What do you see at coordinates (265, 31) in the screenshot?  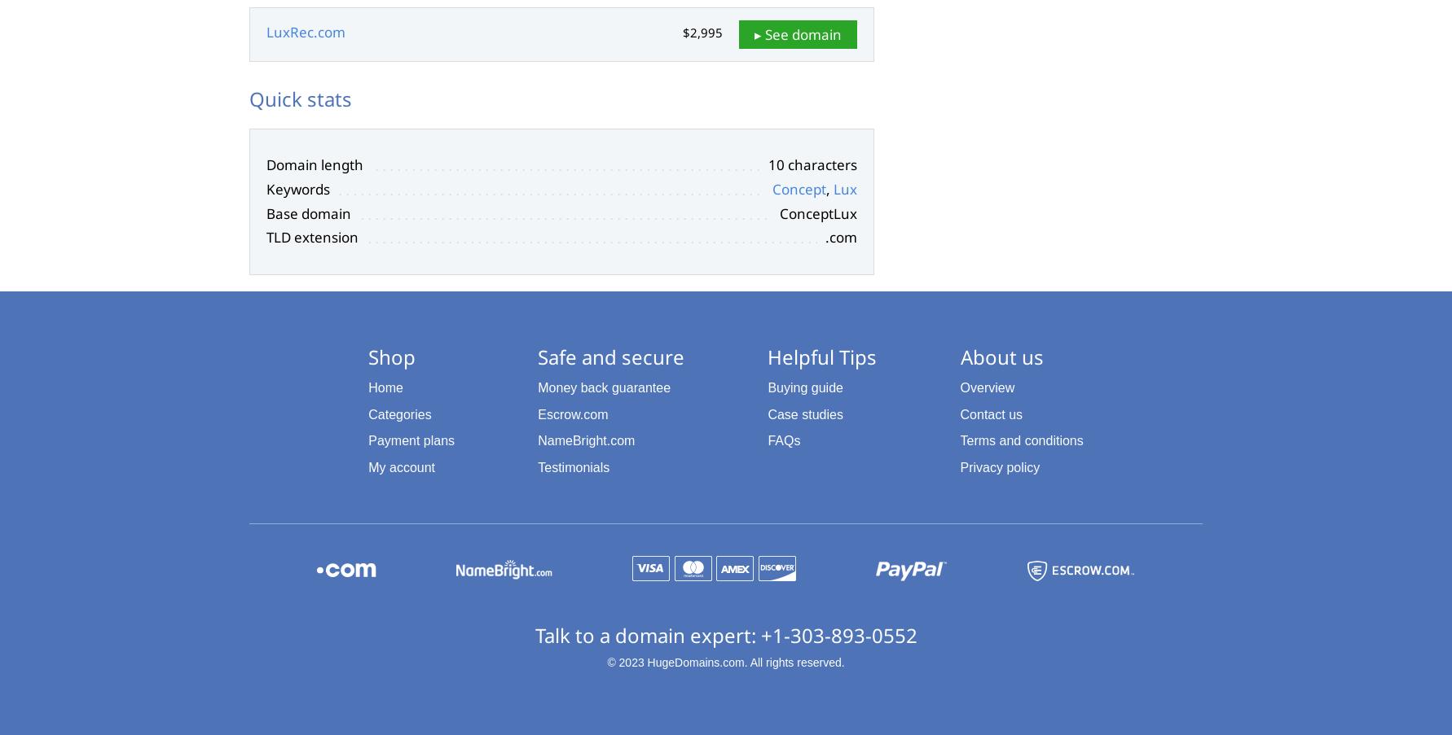 I see `'LuxRec.com'` at bounding box center [265, 31].